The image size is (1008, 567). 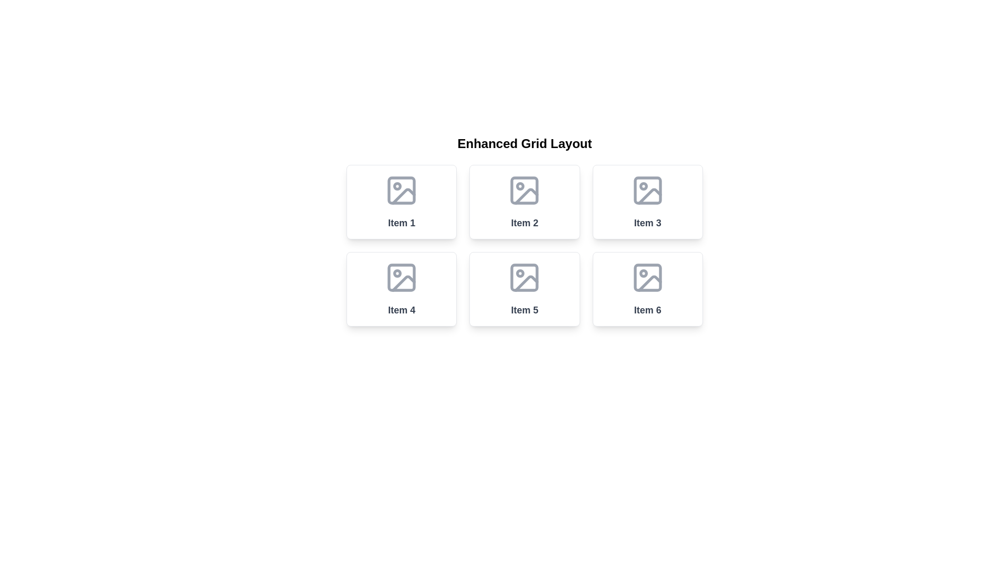 I want to click on the picture frame icon located at the center of the grid item labeled 'Item 1', which features a circular region in the top left and a diagonal line intersecting a rectangular outline, so click(x=401, y=190).